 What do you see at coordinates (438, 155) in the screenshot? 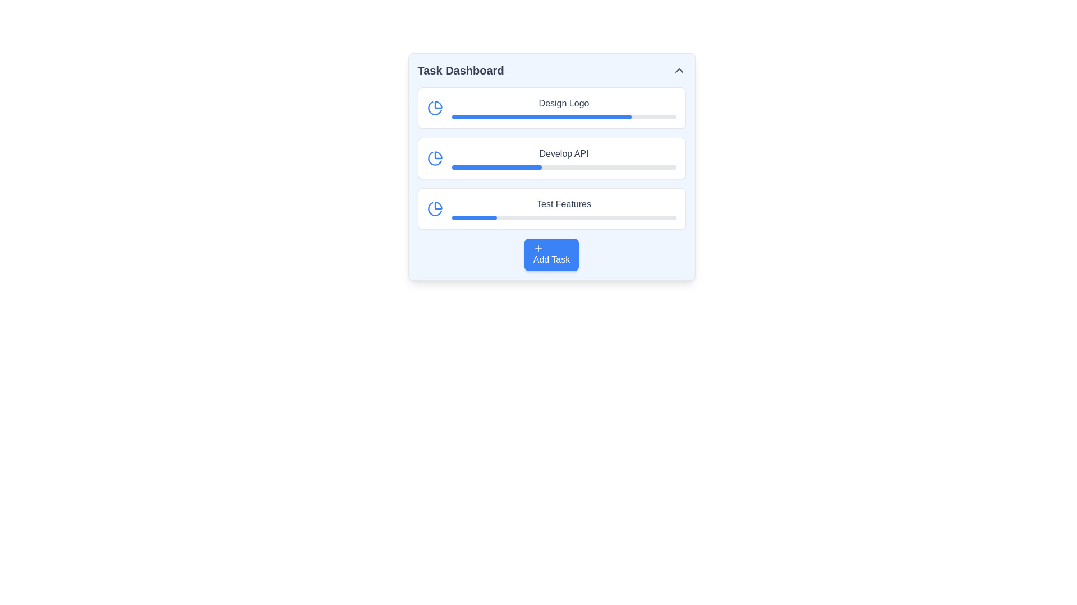
I see `the graphical icon element representing the 'Develop API' task in the dashboard interface, located adjacent to the task label and progress bar` at bounding box center [438, 155].